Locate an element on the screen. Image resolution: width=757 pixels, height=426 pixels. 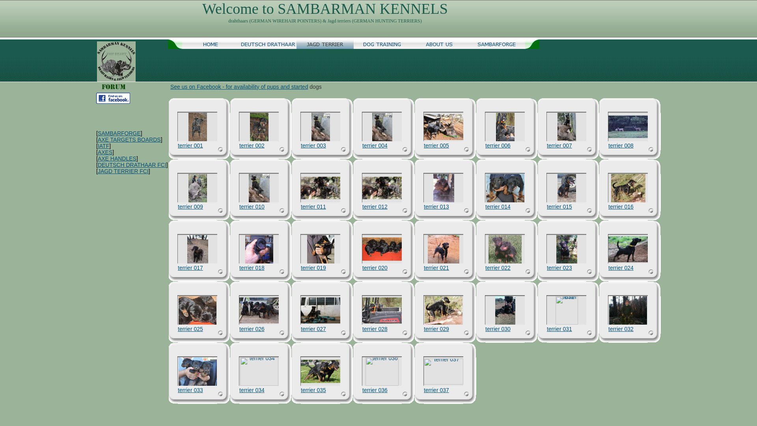
'terrier 033' is located at coordinates (197, 371).